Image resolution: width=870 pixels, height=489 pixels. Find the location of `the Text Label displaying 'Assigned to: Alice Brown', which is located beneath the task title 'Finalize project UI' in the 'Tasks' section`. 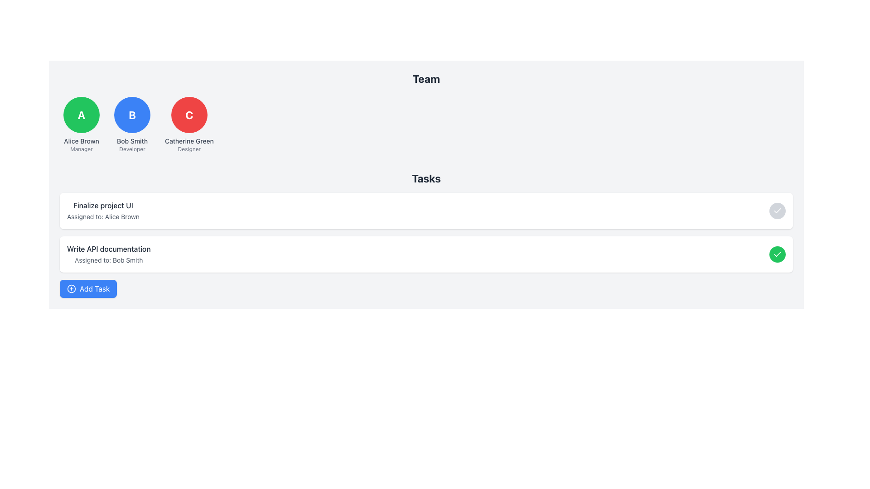

the Text Label displaying 'Assigned to: Alice Brown', which is located beneath the task title 'Finalize project UI' in the 'Tasks' section is located at coordinates (103, 216).